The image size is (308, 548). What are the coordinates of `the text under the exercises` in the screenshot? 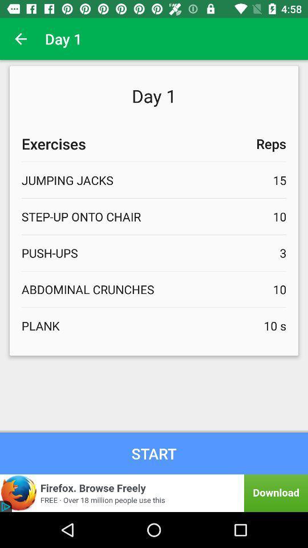 It's located at (154, 180).